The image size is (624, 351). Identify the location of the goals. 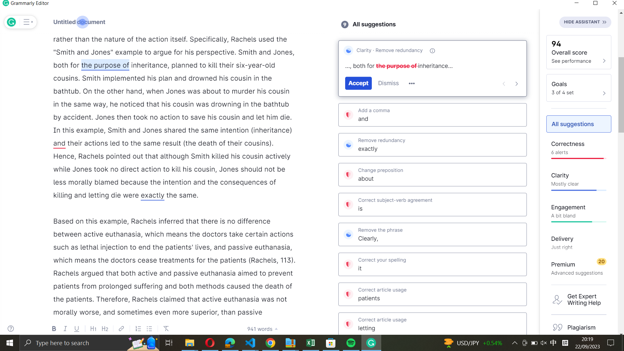
(578, 87).